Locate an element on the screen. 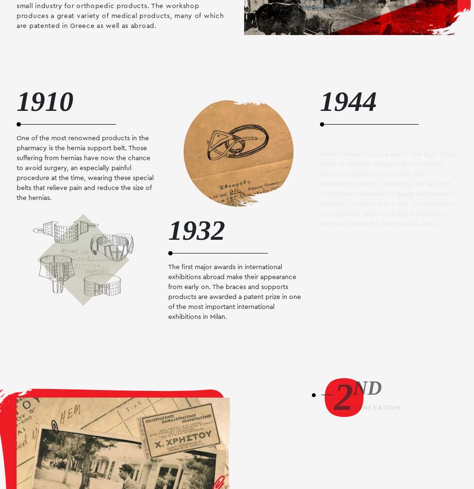 This screenshot has width=474, height=489. 'One of the most renowned products in the pharmacy is the hernia support belt. Those suffering from hernias have now the chance to avoid surgery, an especially painful procedure at the time, wearing these special belts that relieve pain and reduce the size of the hernias.' is located at coordinates (85, 167).